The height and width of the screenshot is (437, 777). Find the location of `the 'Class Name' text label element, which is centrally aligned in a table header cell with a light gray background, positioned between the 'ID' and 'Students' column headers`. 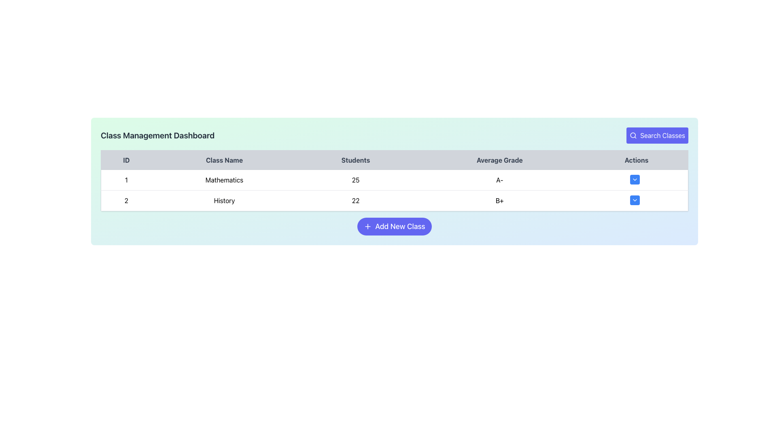

the 'Class Name' text label element, which is centrally aligned in a table header cell with a light gray background, positioned between the 'ID' and 'Students' column headers is located at coordinates (224, 160).